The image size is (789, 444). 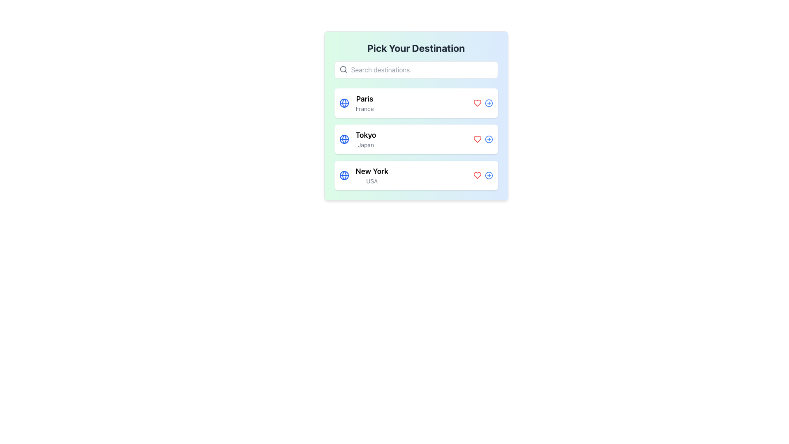 I want to click on the decorative globe icon associated with the 'Paris' location in the topmost card on the left side, adjacent to the 'Paris' and 'France' labels, so click(x=344, y=102).